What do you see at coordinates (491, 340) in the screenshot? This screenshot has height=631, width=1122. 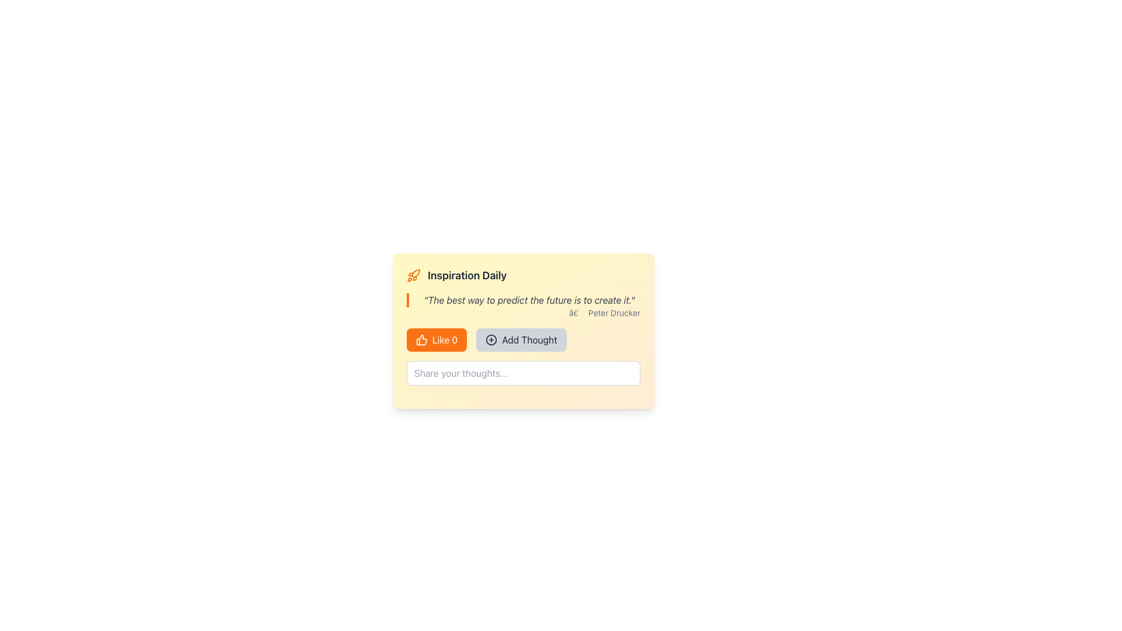 I see `the SVG Circle element, which serves as the background of an SVG icon located near the bottom-right of the main content area, adjacent to the 'Like' and 'Add Thought' buttons` at bounding box center [491, 340].